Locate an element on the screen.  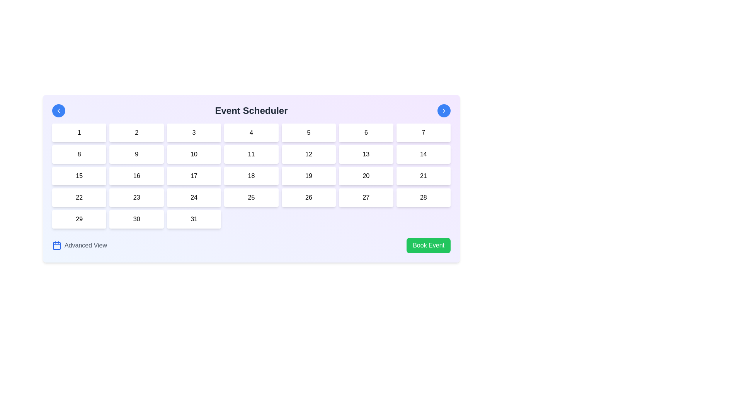
the interactive button labeled '9' in the Event Scheduler grid is located at coordinates (136, 154).